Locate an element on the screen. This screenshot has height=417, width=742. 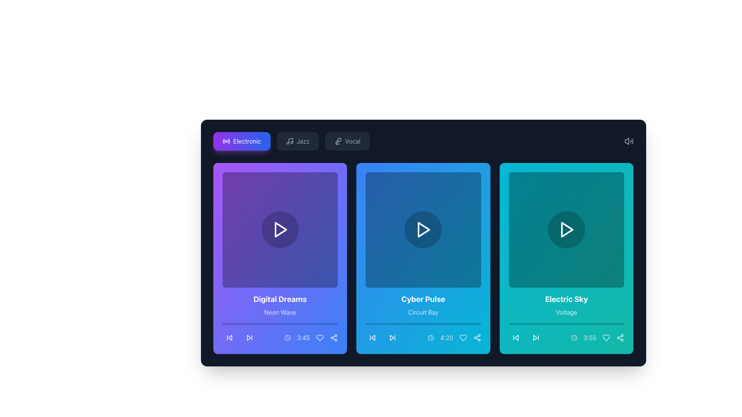
the text label displaying 'Circuit Bay', which is located beneath the title 'Cyber Pulse' within the second card of a horizontally-arranged list of three cards is located at coordinates (423, 312).